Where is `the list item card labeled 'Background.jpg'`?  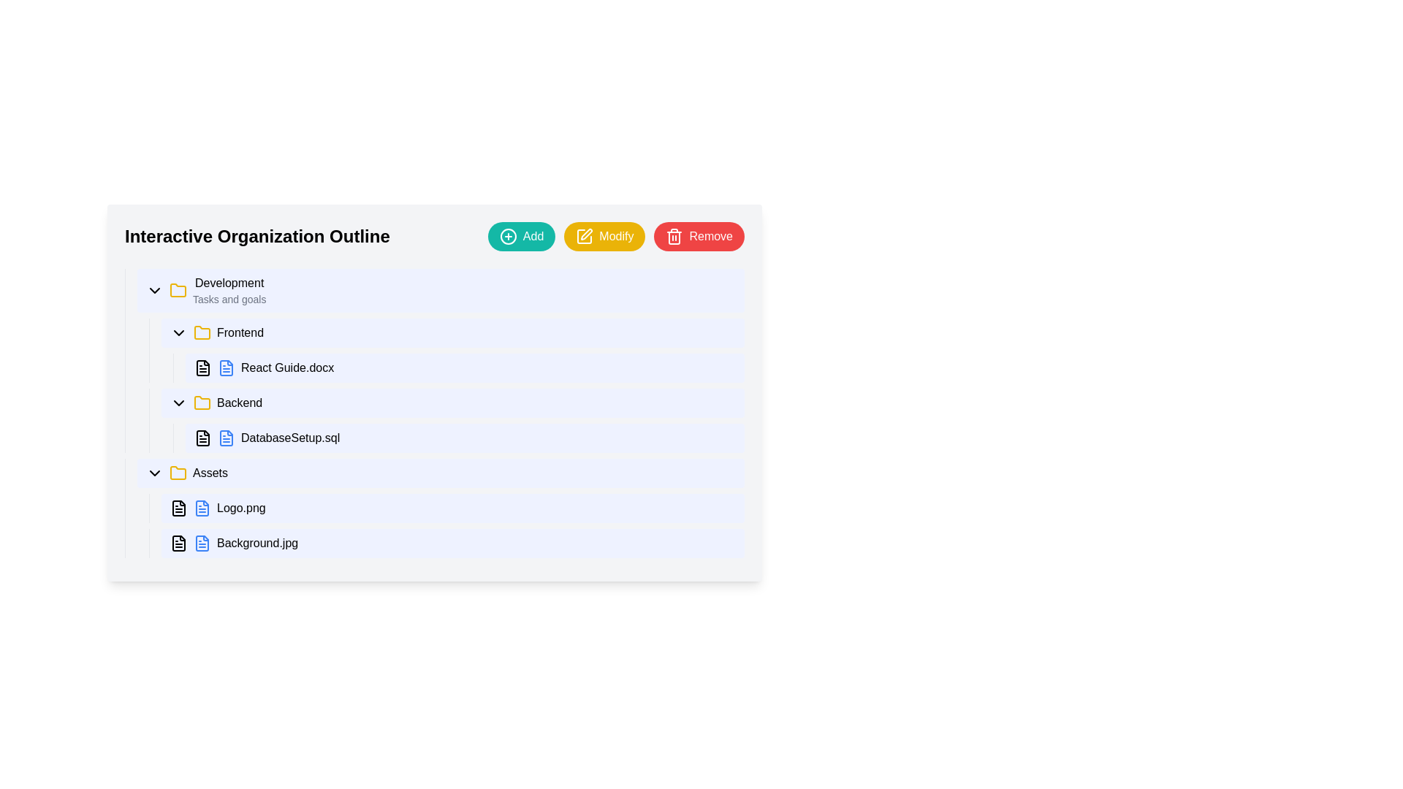
the list item card labeled 'Background.jpg' is located at coordinates (452, 544).